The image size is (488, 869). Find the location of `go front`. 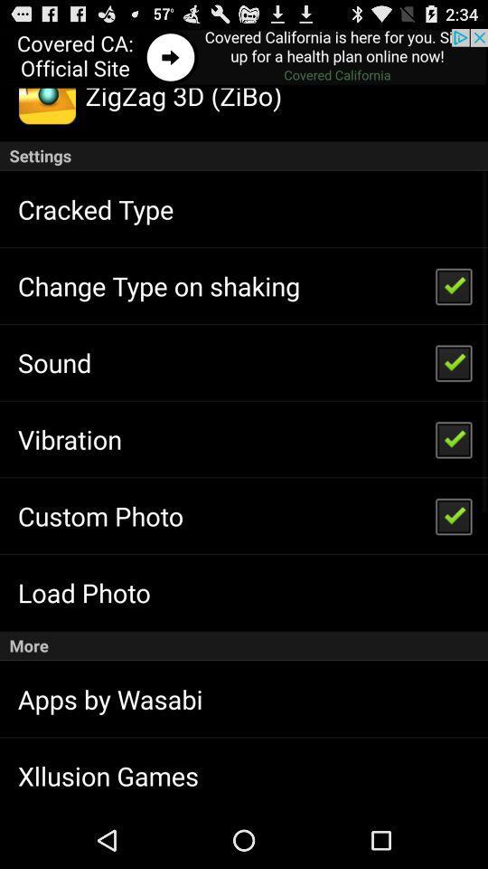

go front is located at coordinates (244, 58).